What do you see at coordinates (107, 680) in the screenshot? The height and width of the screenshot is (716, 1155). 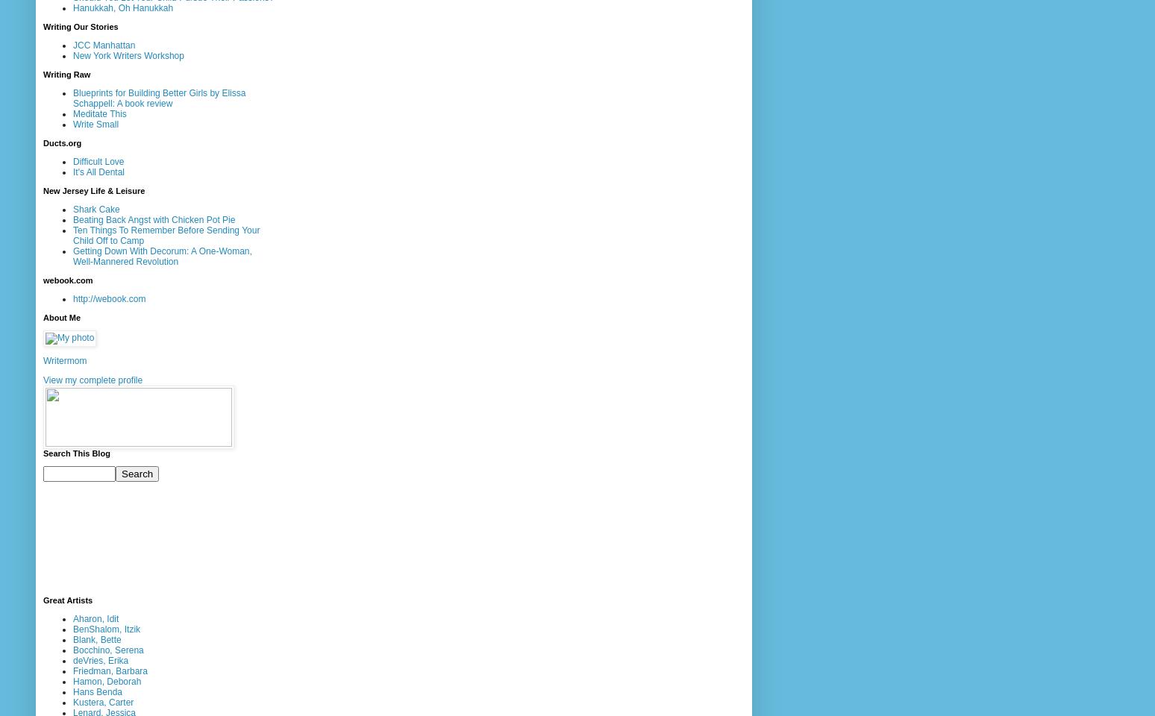 I see `'Hamon, Deborah'` at bounding box center [107, 680].